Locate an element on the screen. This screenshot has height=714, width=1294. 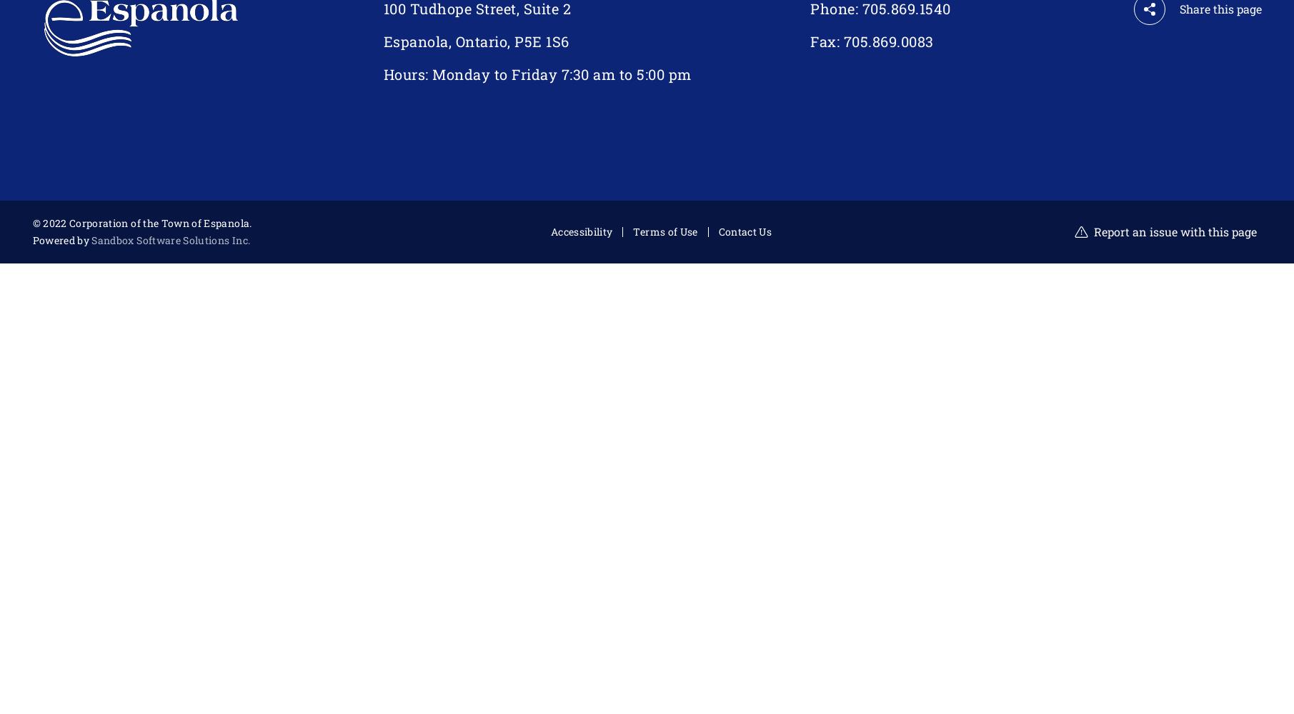
'Hours: Monday to Friday 7:30 am to 5:00 pm' is located at coordinates (538, 74).